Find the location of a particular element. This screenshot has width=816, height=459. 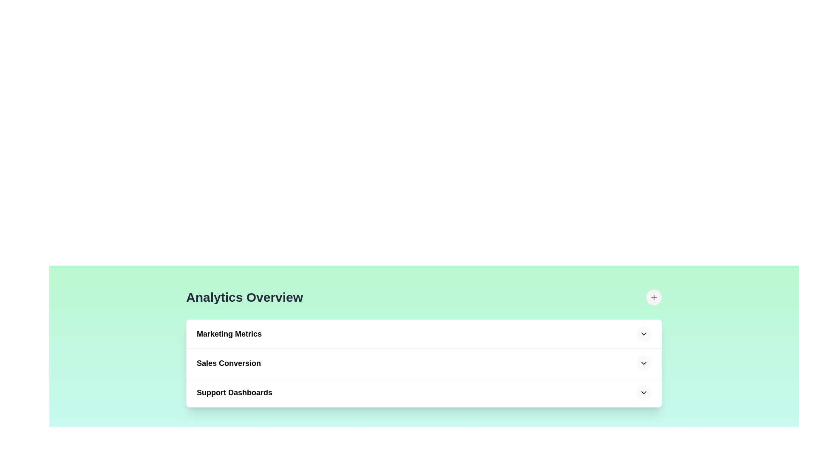

the SVG icon featuring a plus sign (+) located at the top-right corner of the 'Analytics Overview' section is located at coordinates (654, 297).